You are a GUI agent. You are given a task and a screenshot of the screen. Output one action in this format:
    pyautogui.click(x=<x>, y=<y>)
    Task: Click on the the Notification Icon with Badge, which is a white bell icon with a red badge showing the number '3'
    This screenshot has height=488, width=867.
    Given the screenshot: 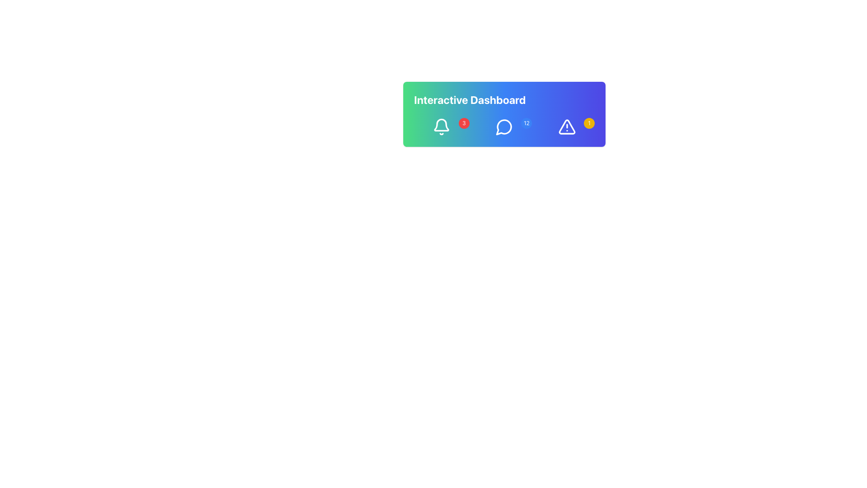 What is the action you would take?
    pyautogui.click(x=442, y=127)
    